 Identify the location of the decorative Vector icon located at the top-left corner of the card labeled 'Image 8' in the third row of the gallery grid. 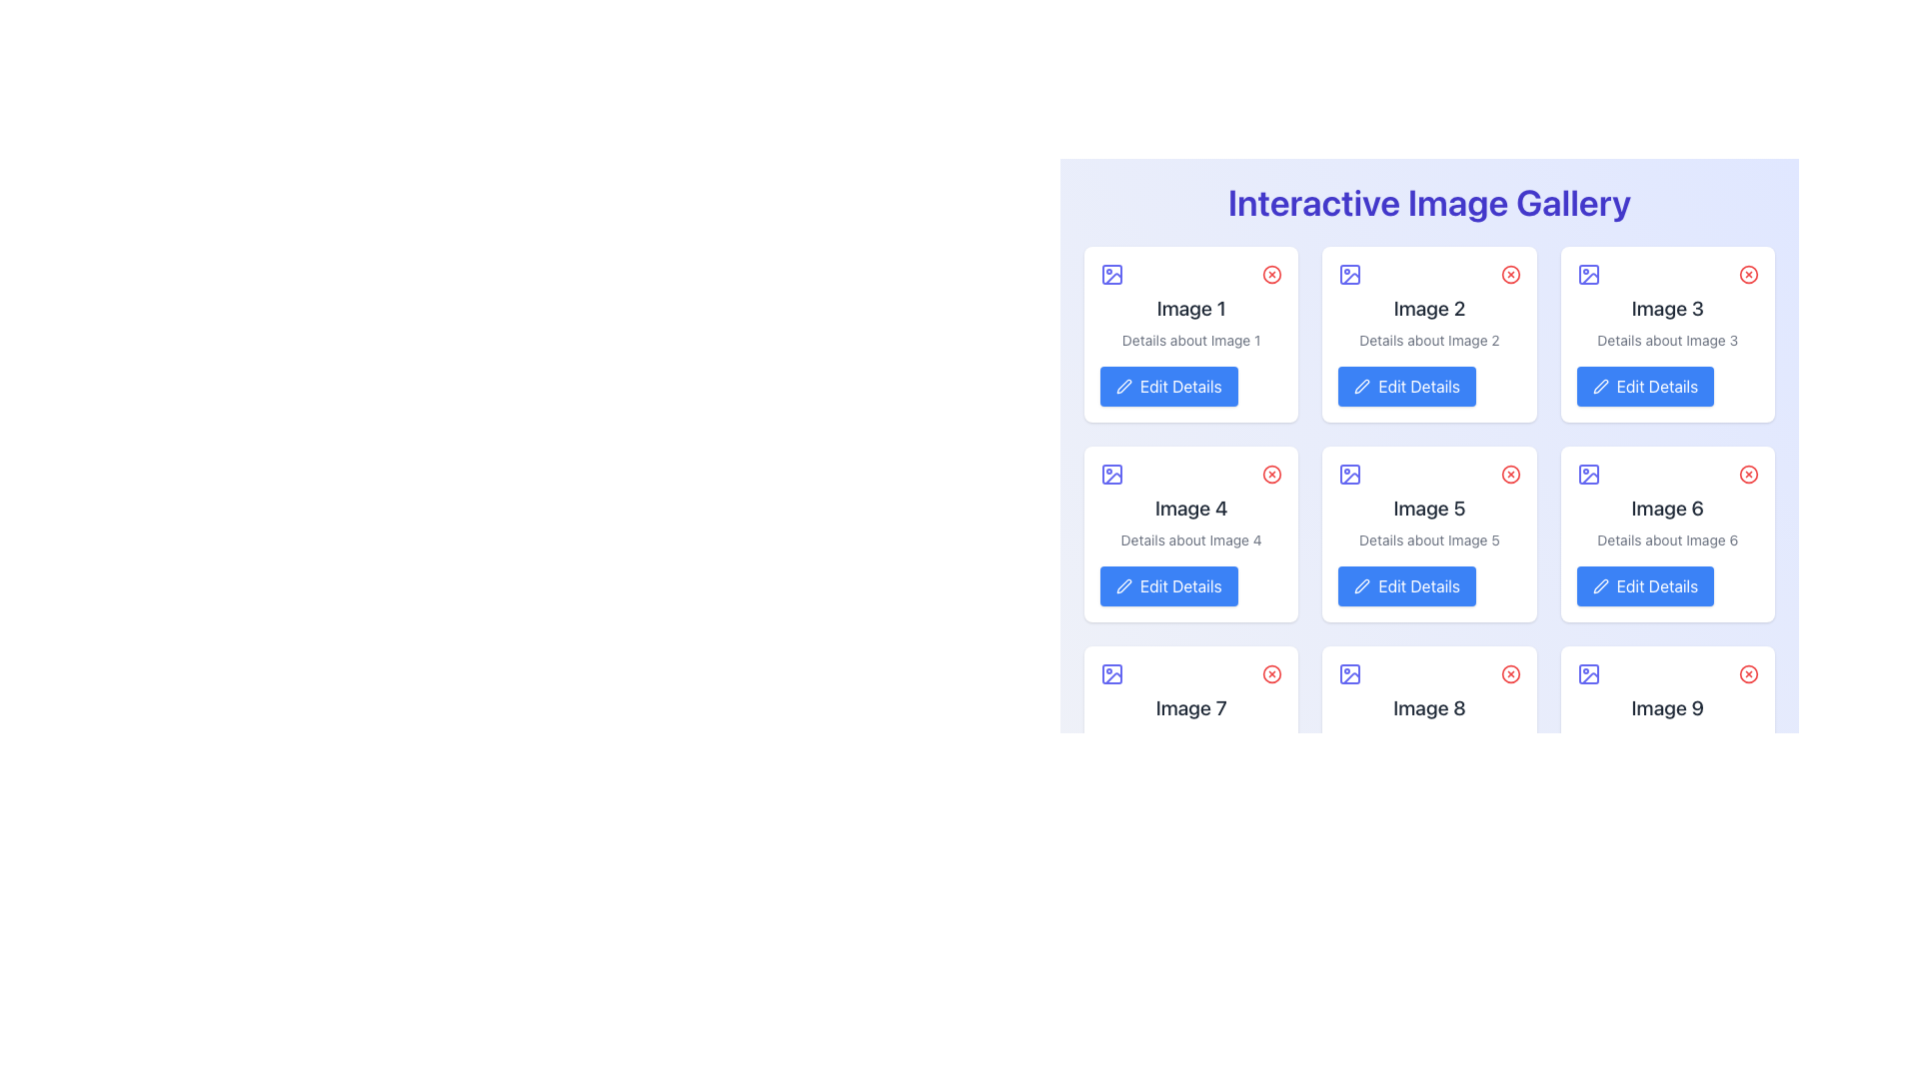
(1350, 674).